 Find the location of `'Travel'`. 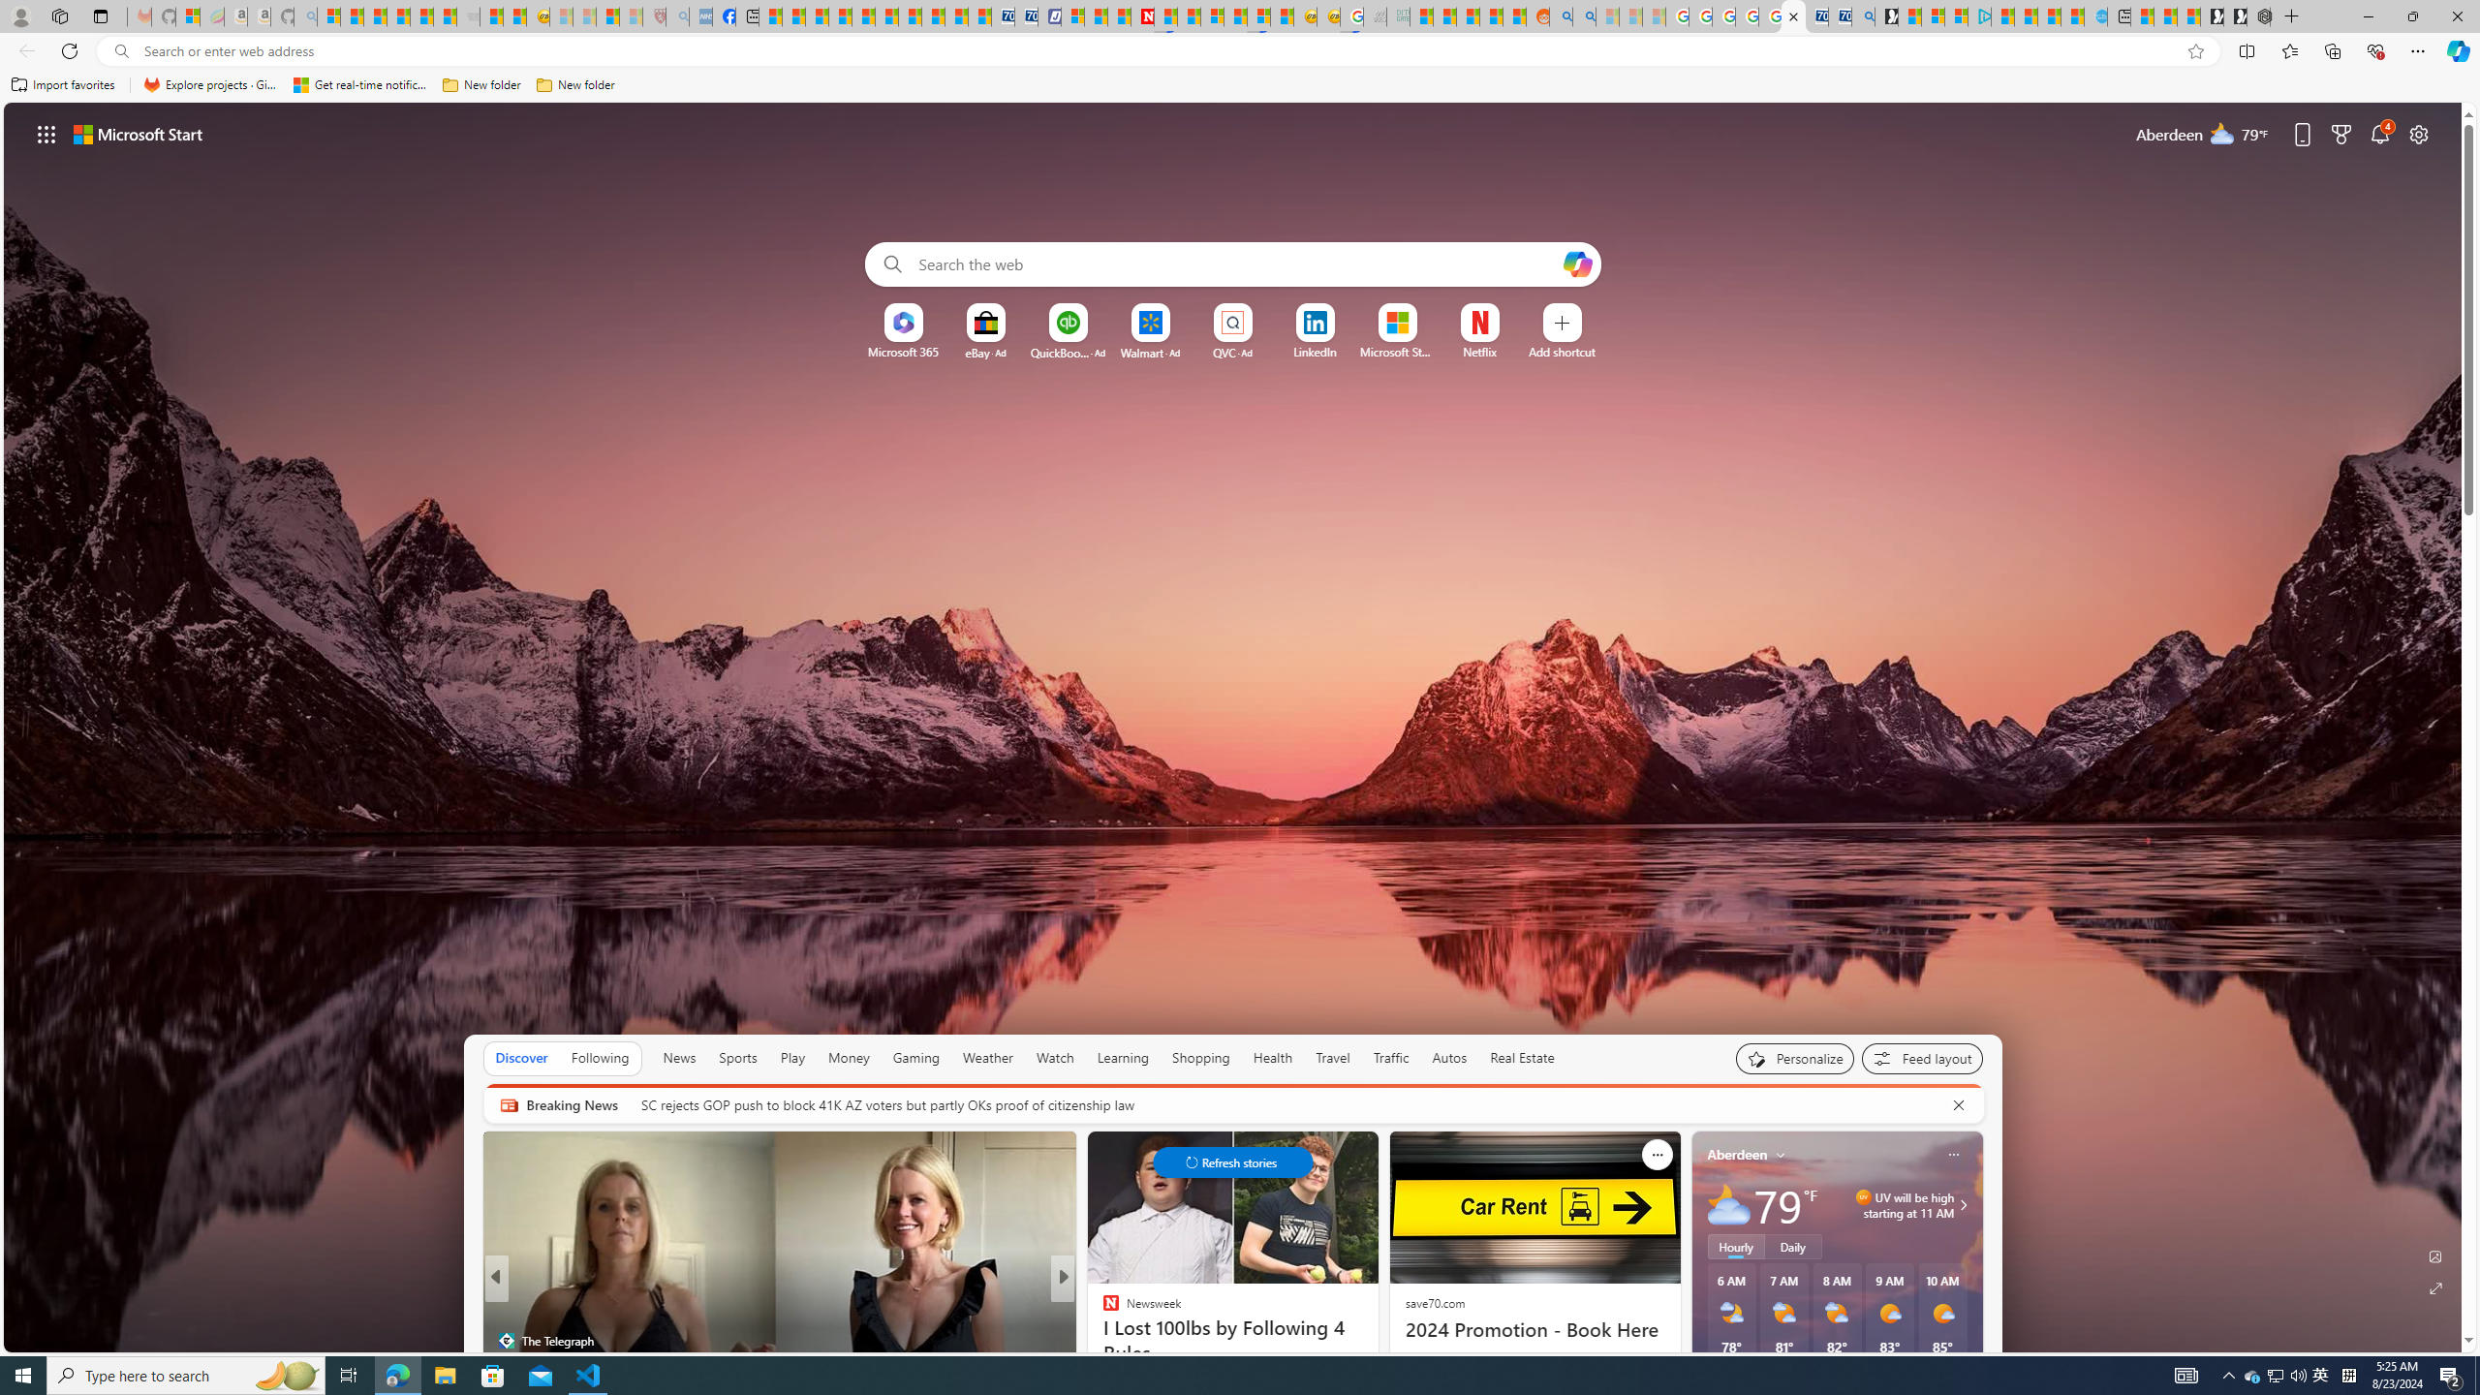

'Travel' is located at coordinates (1332, 1057).